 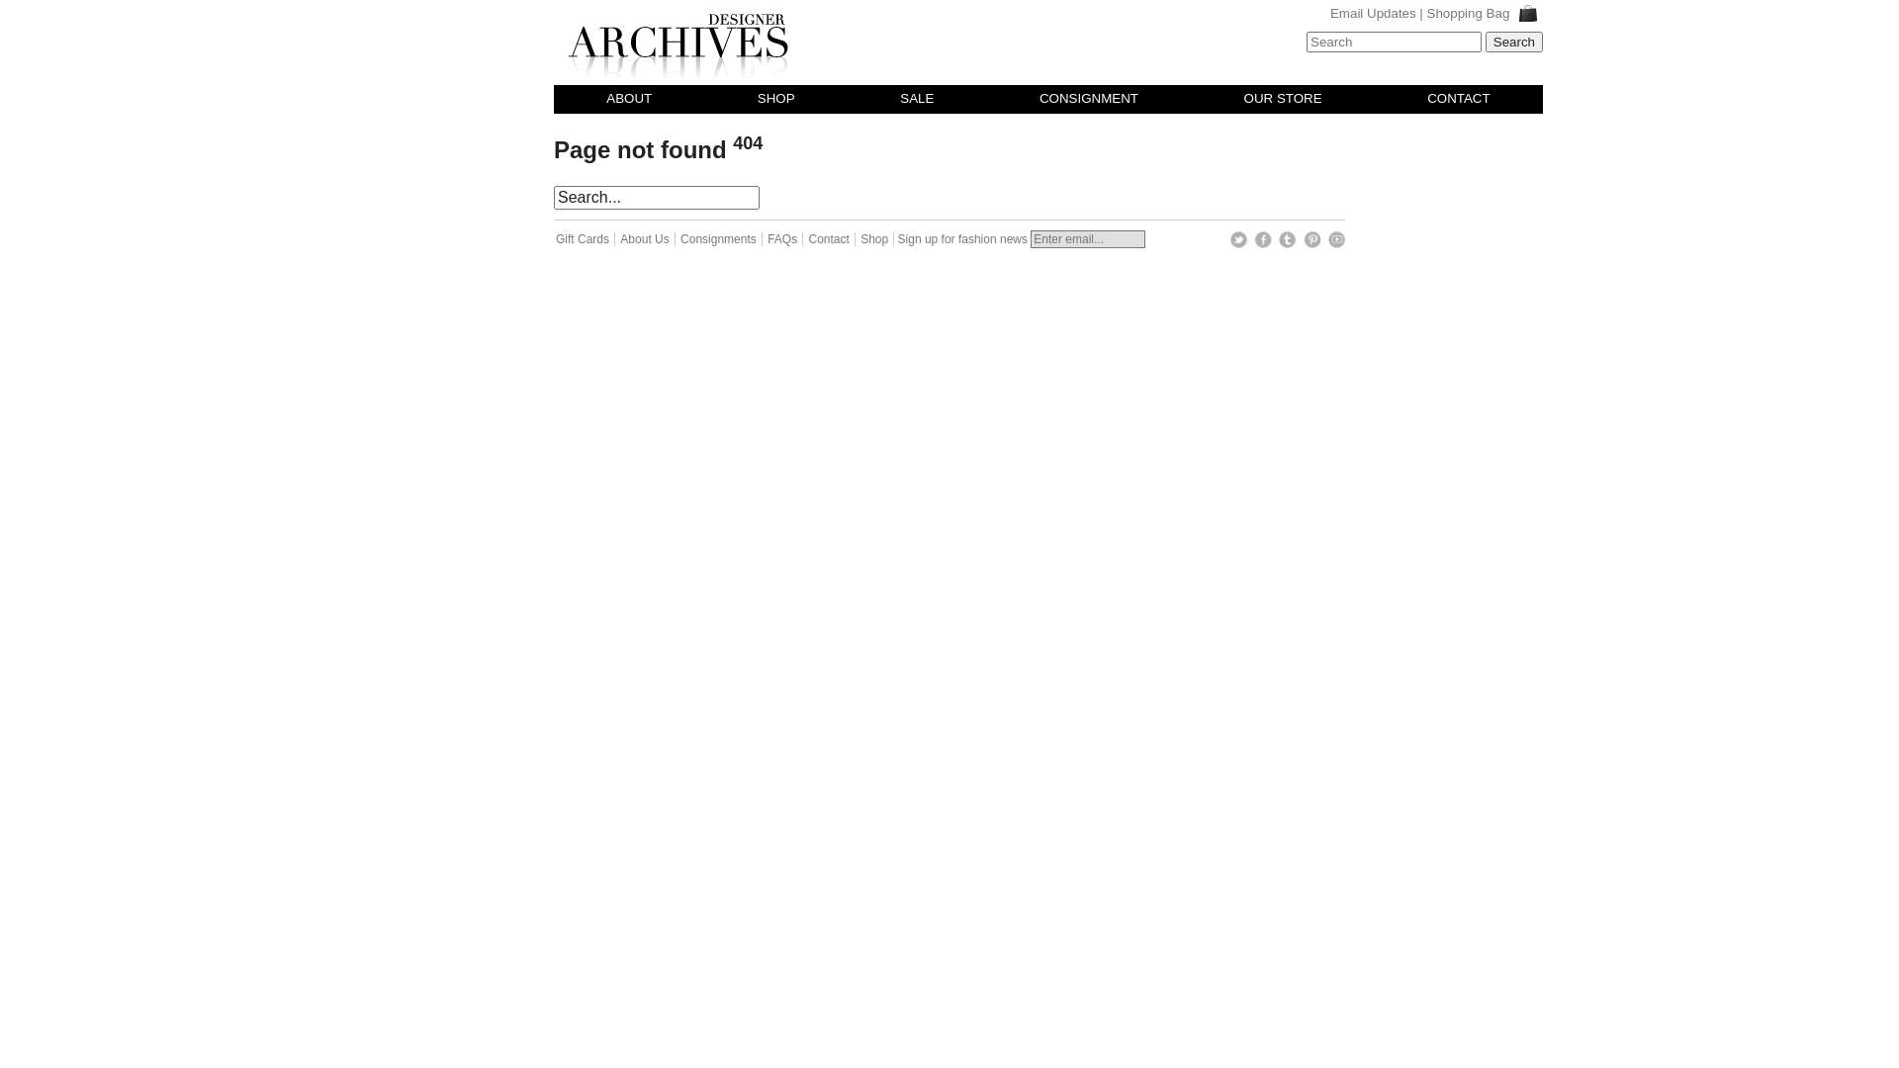 What do you see at coordinates (915, 99) in the screenshot?
I see `'SALE'` at bounding box center [915, 99].